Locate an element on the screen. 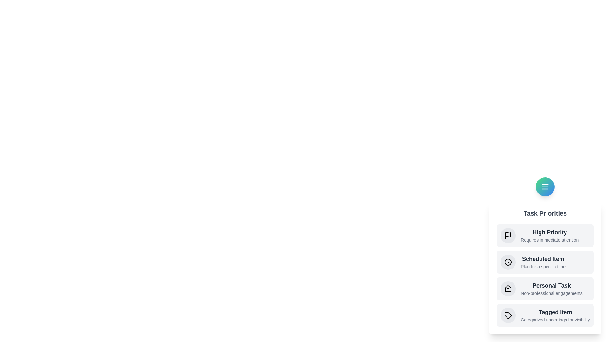 The height and width of the screenshot is (342, 609). the specified element: scheduled_item is located at coordinates (508, 262).